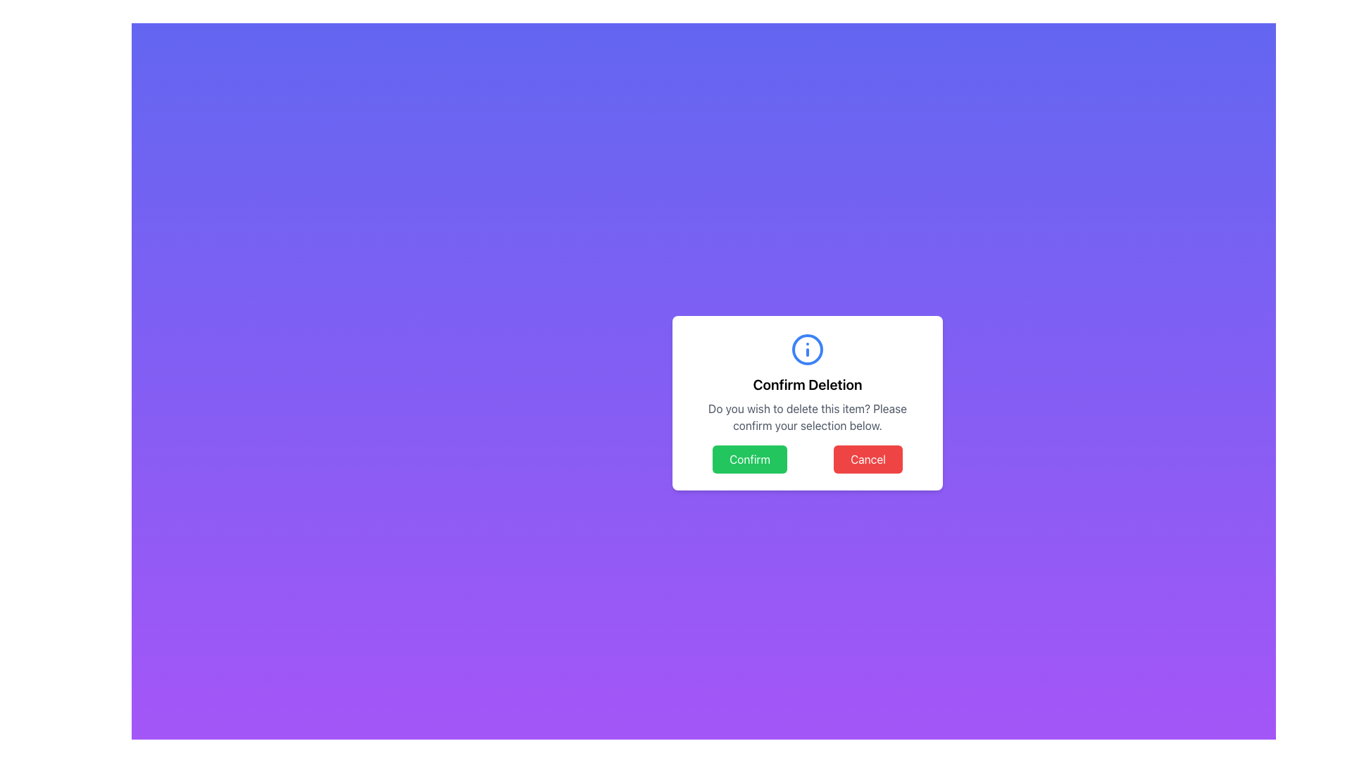 The height and width of the screenshot is (760, 1352). I want to click on the blue outlined, white filled circular component at the center of the info icon above the 'Confirm Deletion' text in the modal dialog box, so click(808, 349).